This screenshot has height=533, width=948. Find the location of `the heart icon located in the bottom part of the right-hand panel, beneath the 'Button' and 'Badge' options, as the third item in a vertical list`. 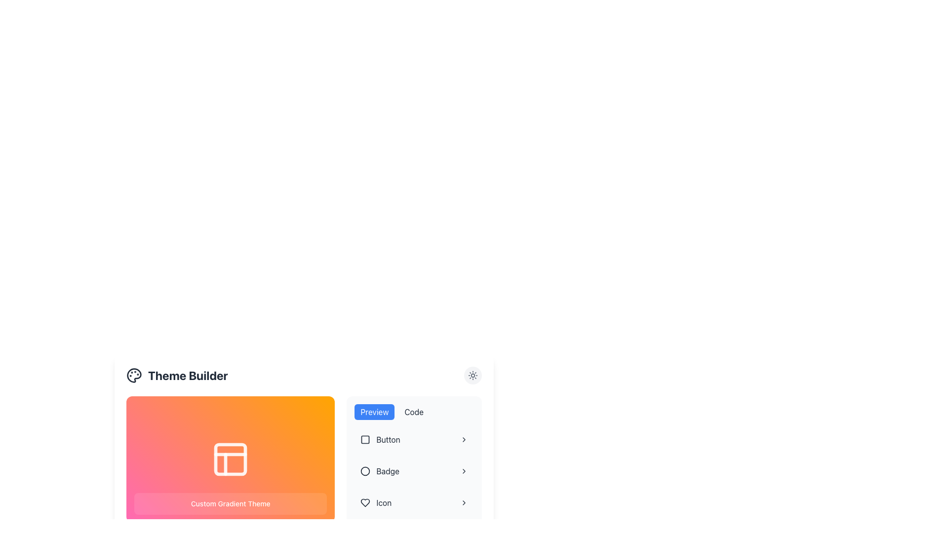

the heart icon located in the bottom part of the right-hand panel, beneath the 'Button' and 'Badge' options, as the third item in a vertical list is located at coordinates (365, 502).